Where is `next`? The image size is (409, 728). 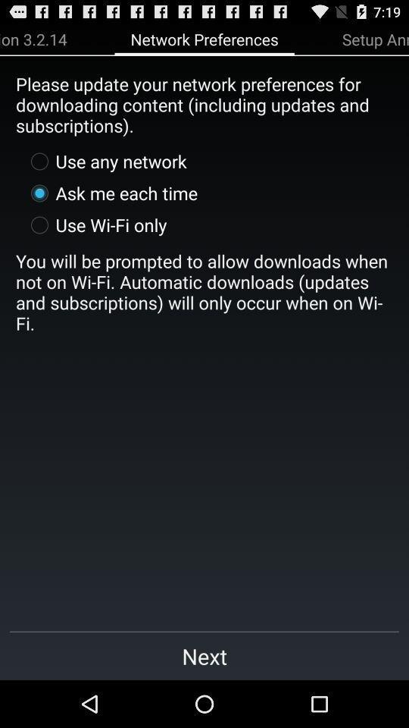 next is located at coordinates (204, 655).